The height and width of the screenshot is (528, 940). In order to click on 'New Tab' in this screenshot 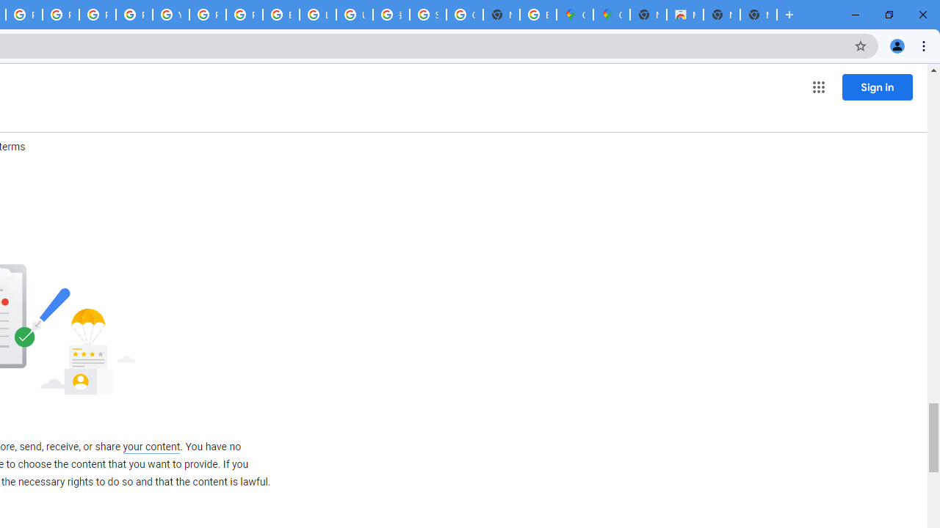, I will do `click(789, 15)`.